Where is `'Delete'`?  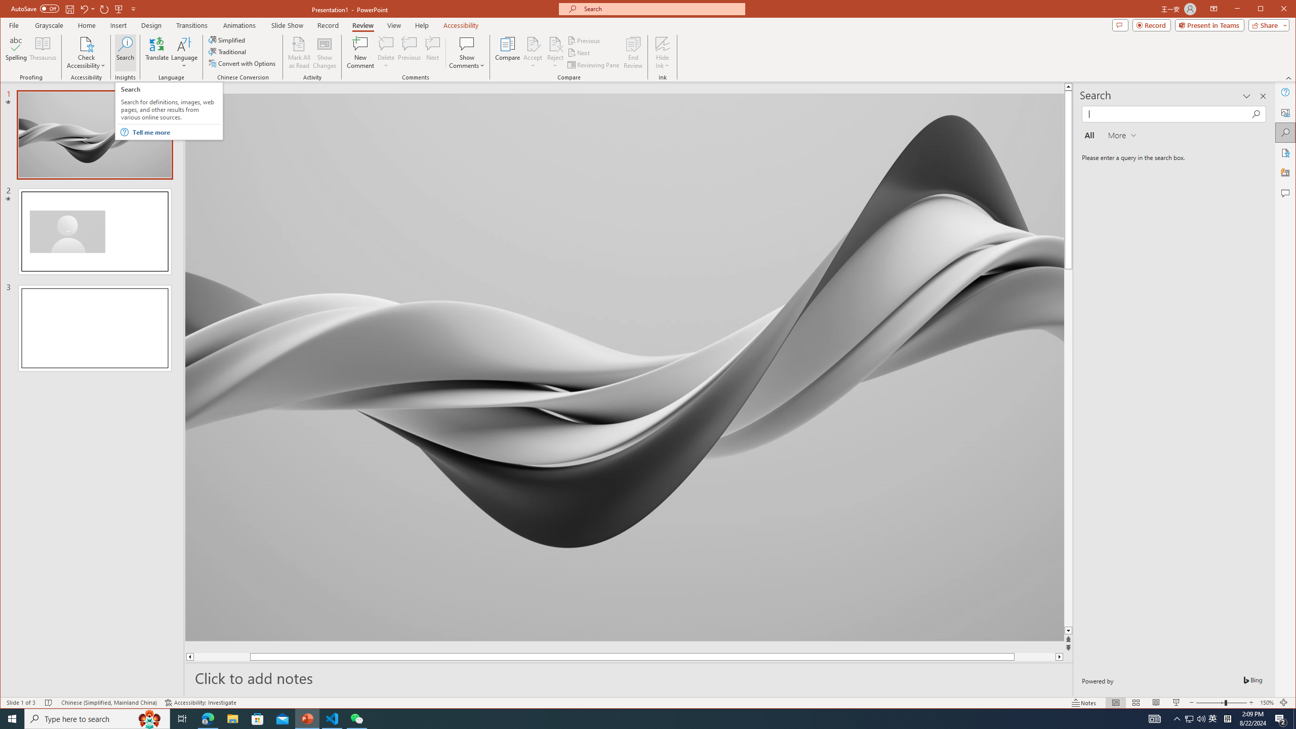
'Delete' is located at coordinates (386, 43).